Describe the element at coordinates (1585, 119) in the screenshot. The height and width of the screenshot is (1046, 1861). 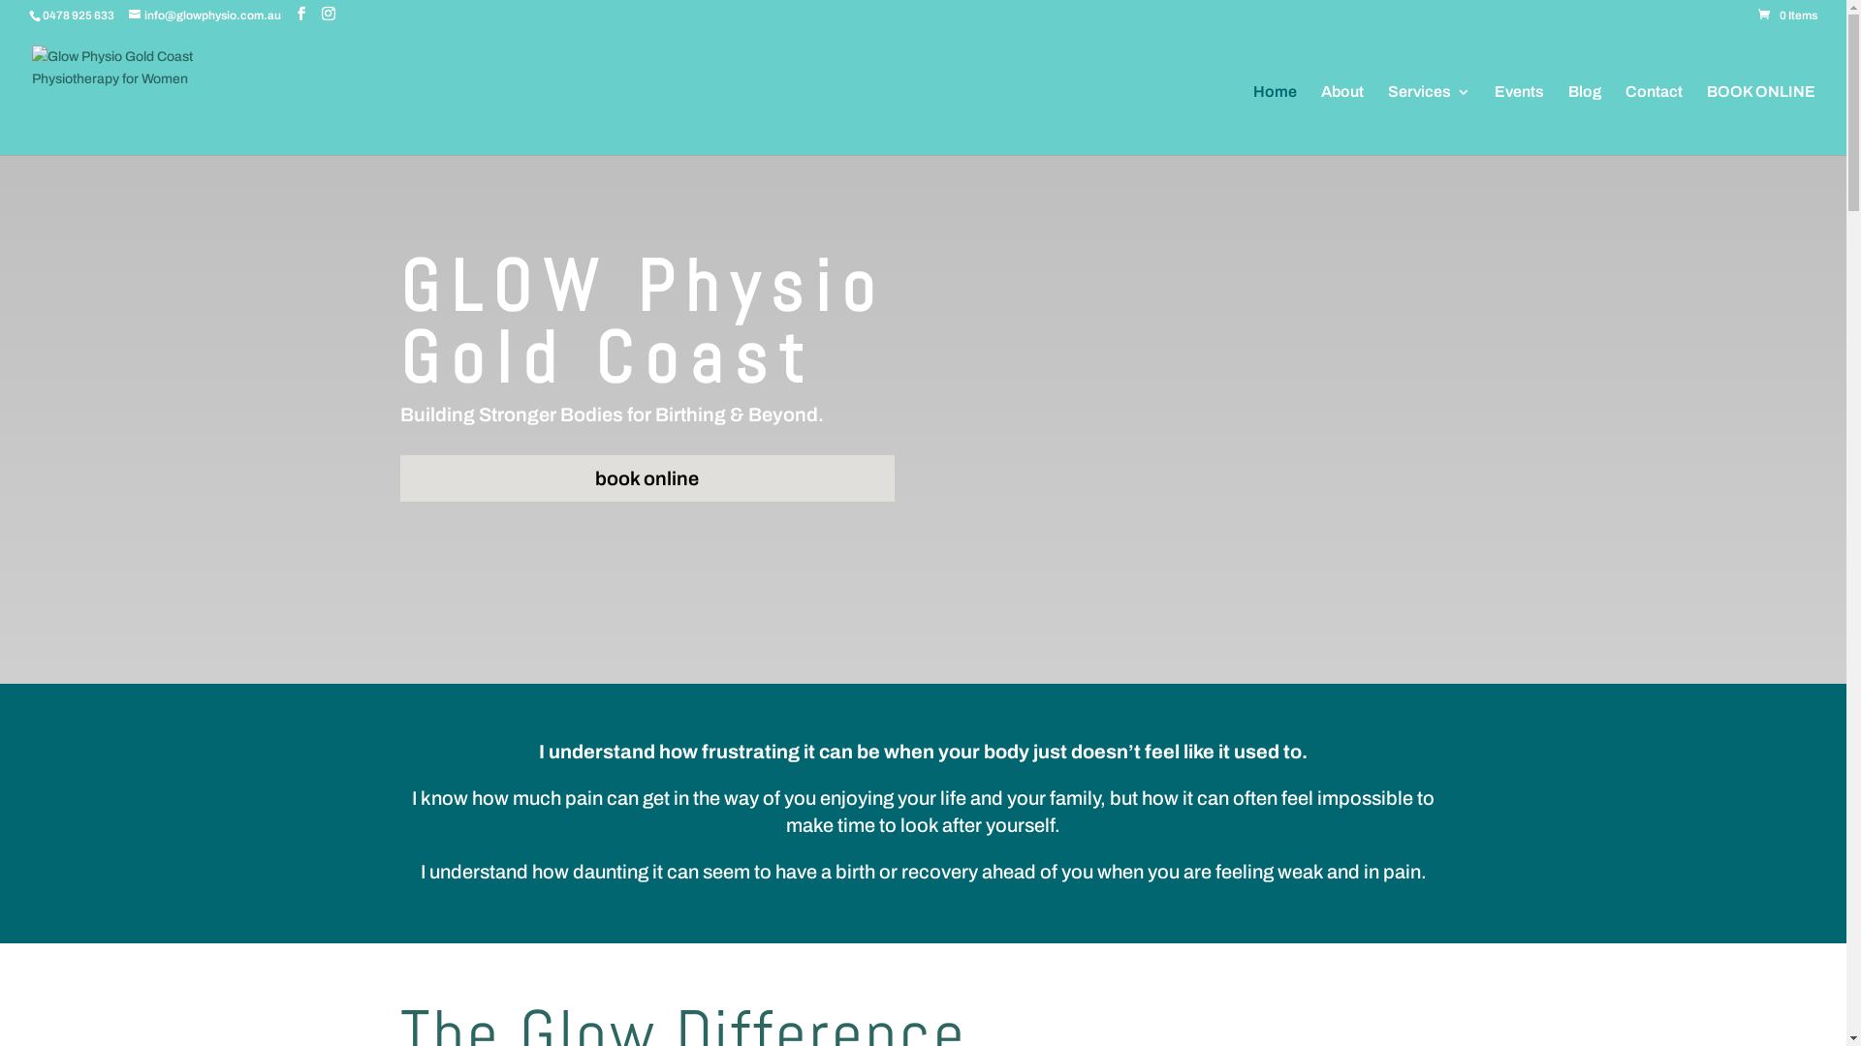
I see `'Blog'` at that location.